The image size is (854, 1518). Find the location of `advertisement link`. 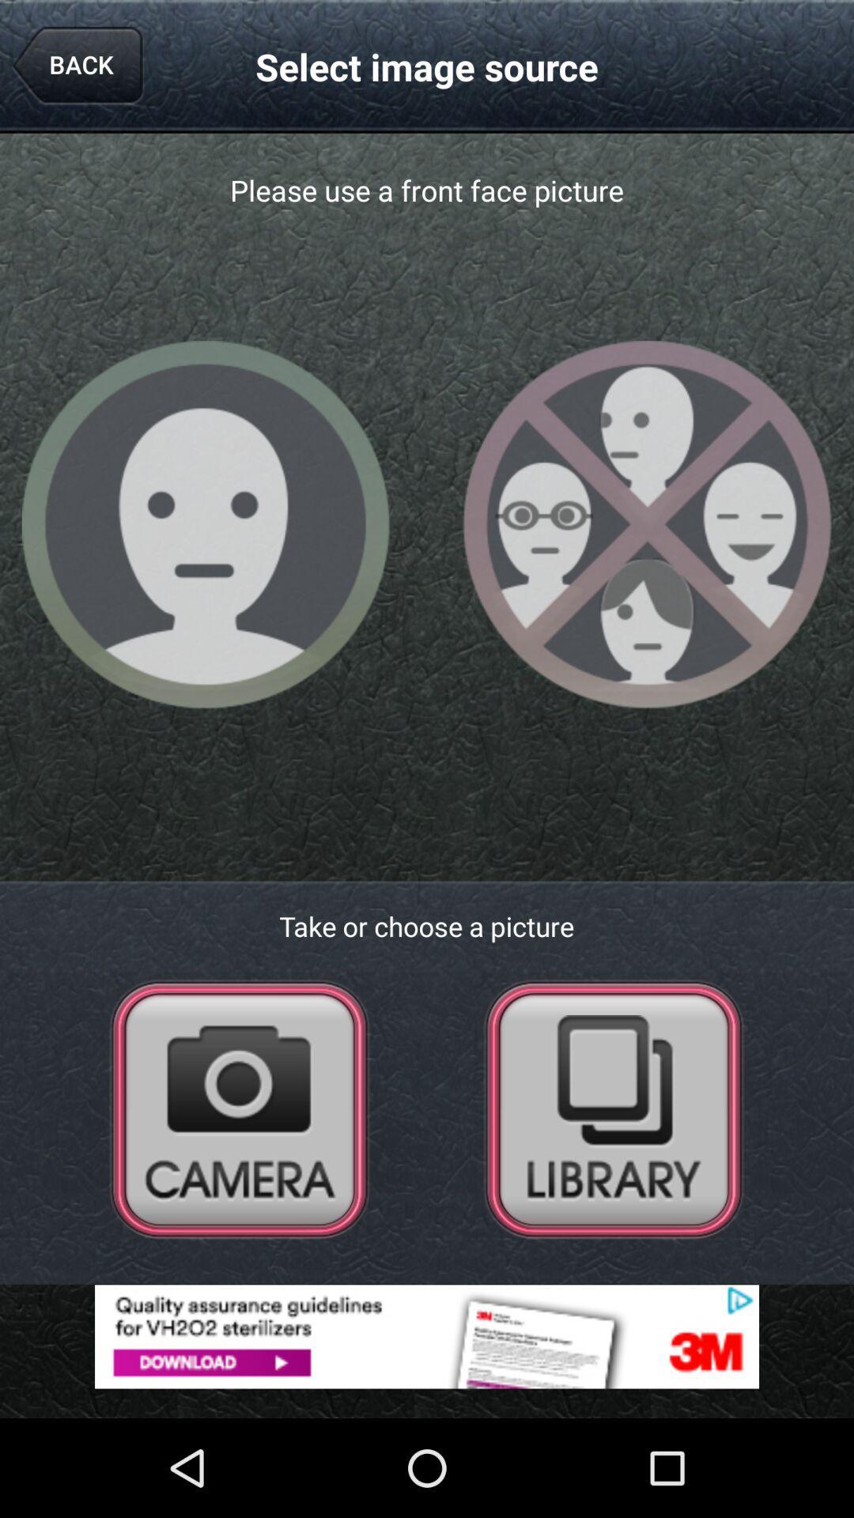

advertisement link is located at coordinates (427, 1335).